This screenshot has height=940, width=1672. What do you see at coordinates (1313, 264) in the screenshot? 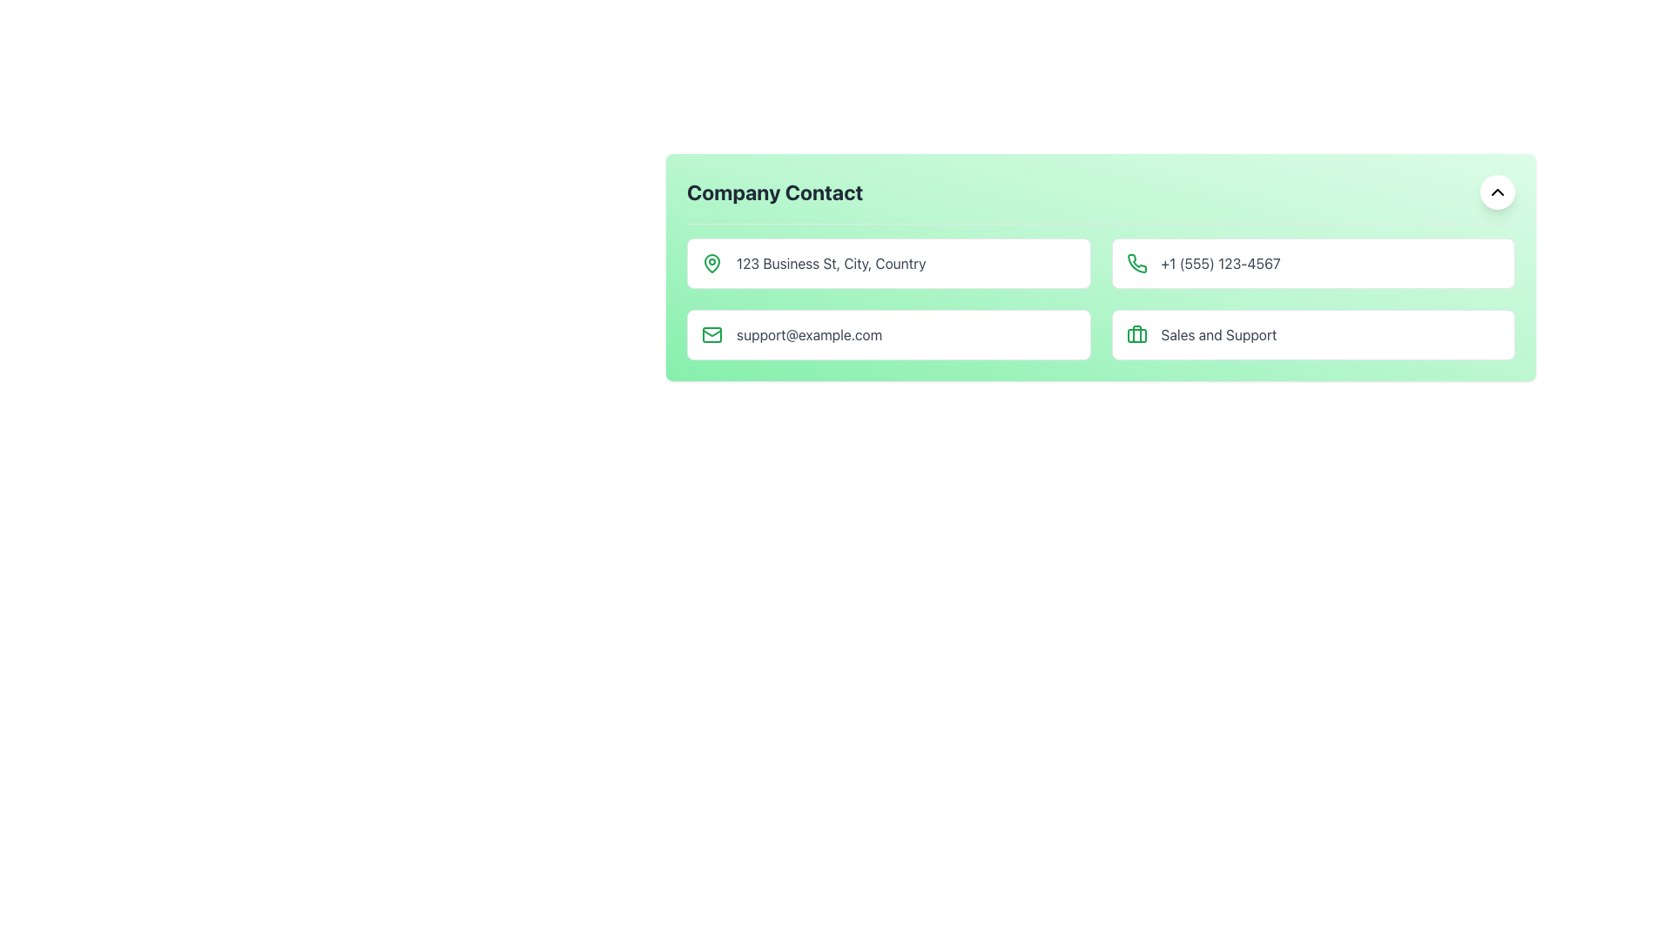
I see `the contact information card located in the top-right section of the grid layout` at bounding box center [1313, 264].